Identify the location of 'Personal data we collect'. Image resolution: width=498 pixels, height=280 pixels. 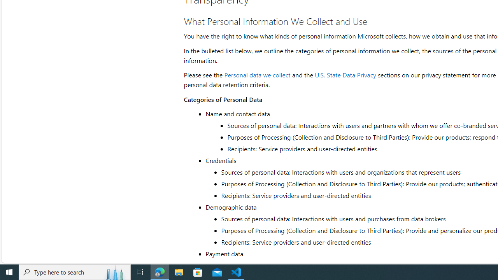
(257, 75).